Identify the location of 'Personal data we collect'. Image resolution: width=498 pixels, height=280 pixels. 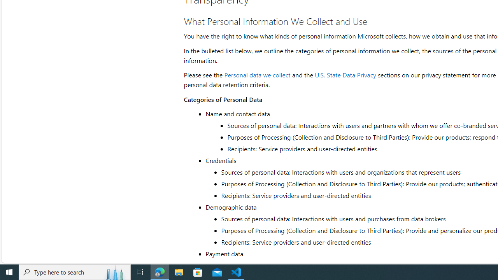
(257, 75).